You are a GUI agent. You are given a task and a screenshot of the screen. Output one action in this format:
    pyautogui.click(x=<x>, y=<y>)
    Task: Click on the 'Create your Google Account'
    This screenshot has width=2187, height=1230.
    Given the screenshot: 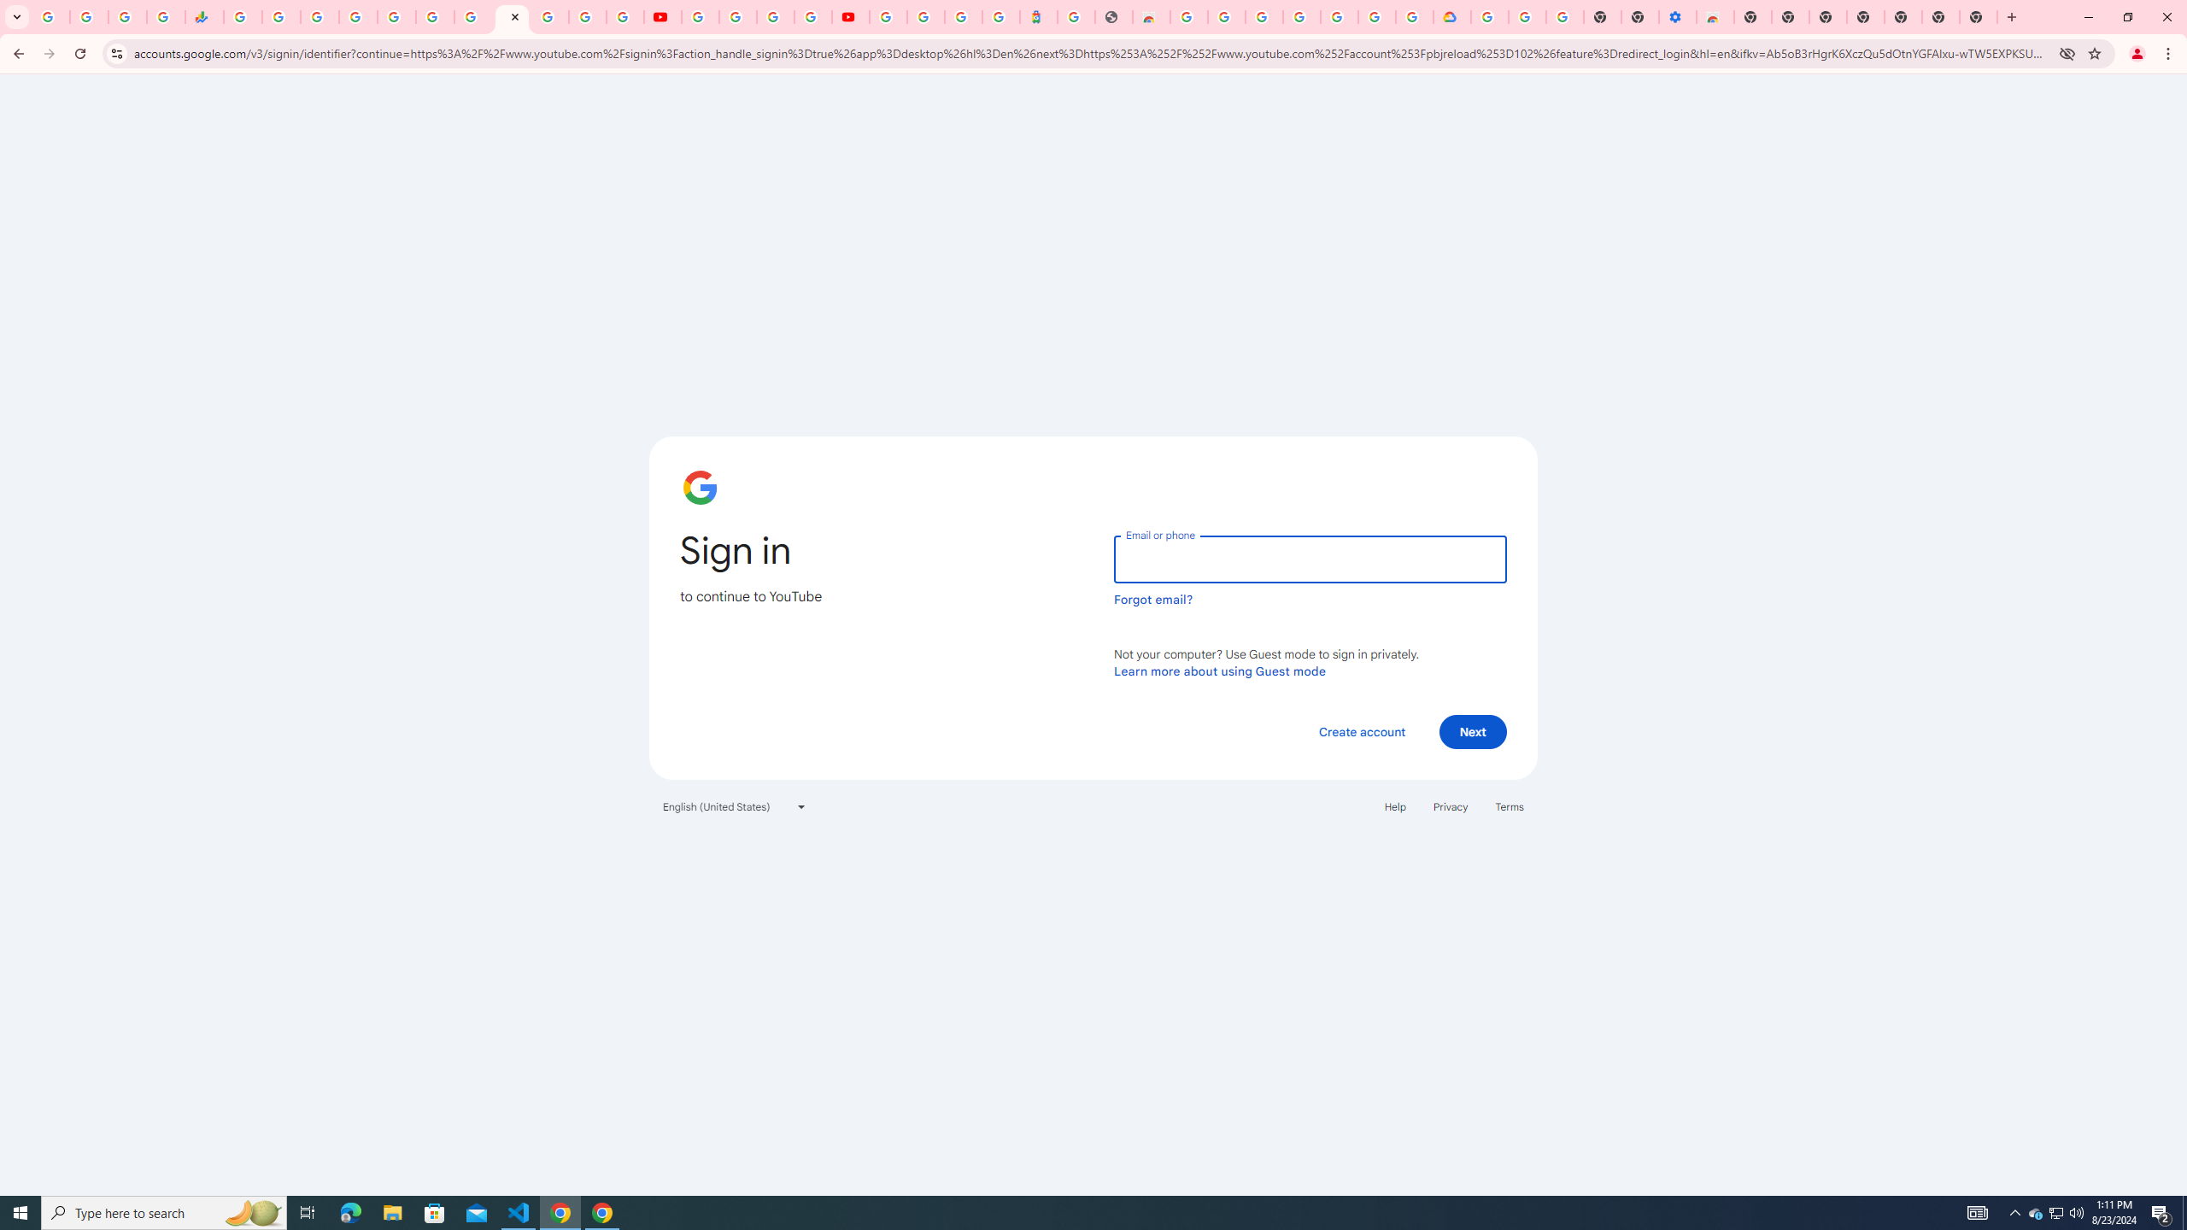 What is the action you would take?
    pyautogui.click(x=776, y=16)
    